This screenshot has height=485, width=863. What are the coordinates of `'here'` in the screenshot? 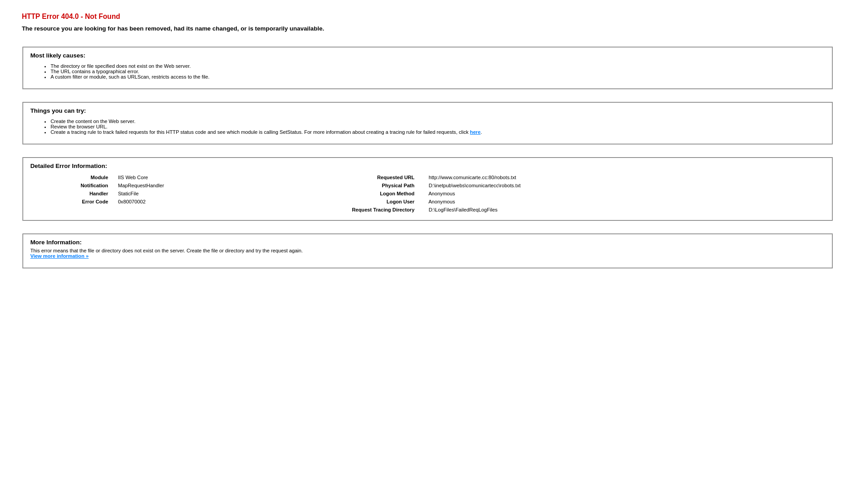 It's located at (470, 132).